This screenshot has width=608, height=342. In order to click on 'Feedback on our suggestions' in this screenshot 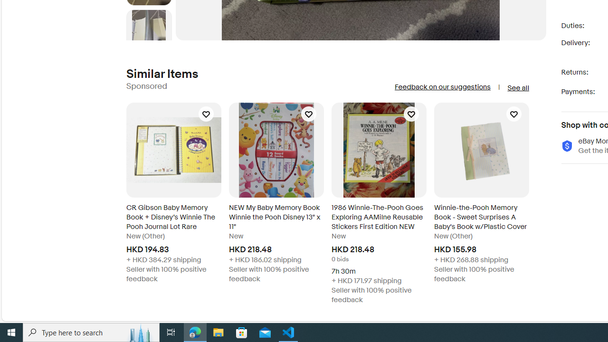, I will do `click(442, 87)`.